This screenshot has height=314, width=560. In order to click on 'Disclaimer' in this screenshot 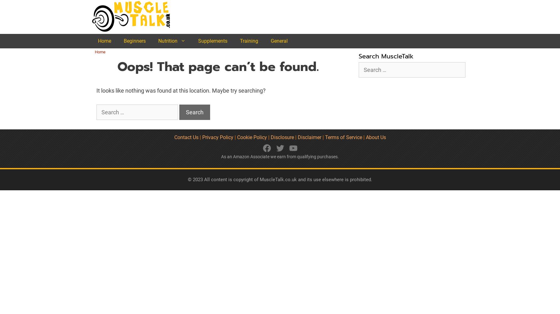, I will do `click(309, 137)`.